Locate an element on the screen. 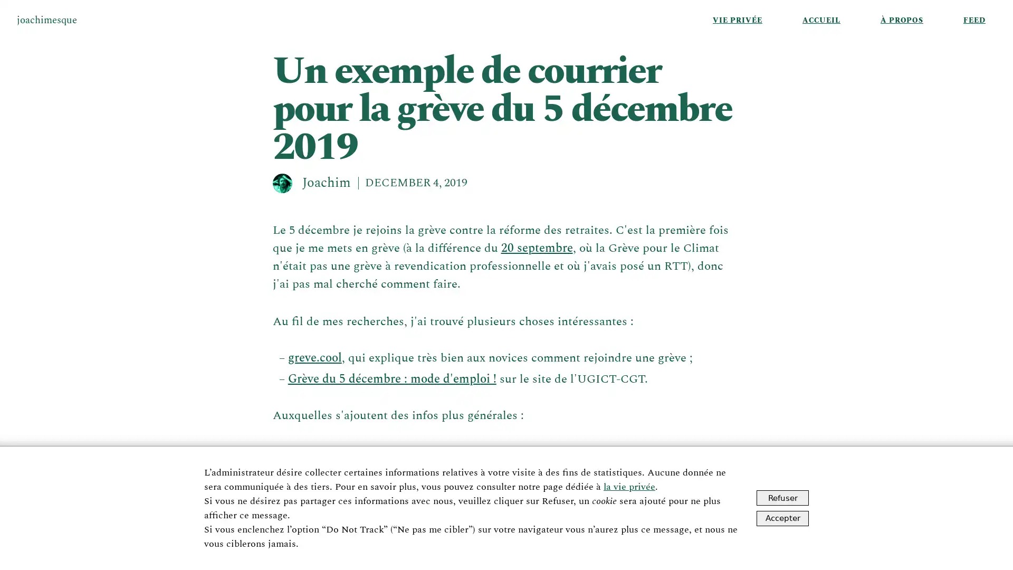 Image resolution: width=1013 pixels, height=570 pixels. Refuser is located at coordinates (782, 498).